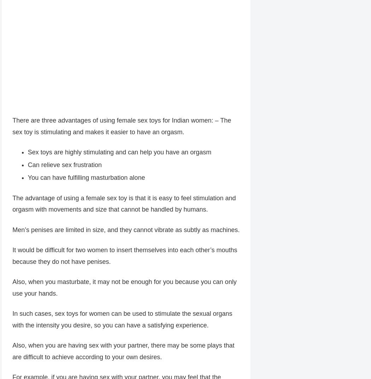  I want to click on 'Men’s penises are limited in size, and they cannot vibrate as subtly as machines.', so click(12, 230).